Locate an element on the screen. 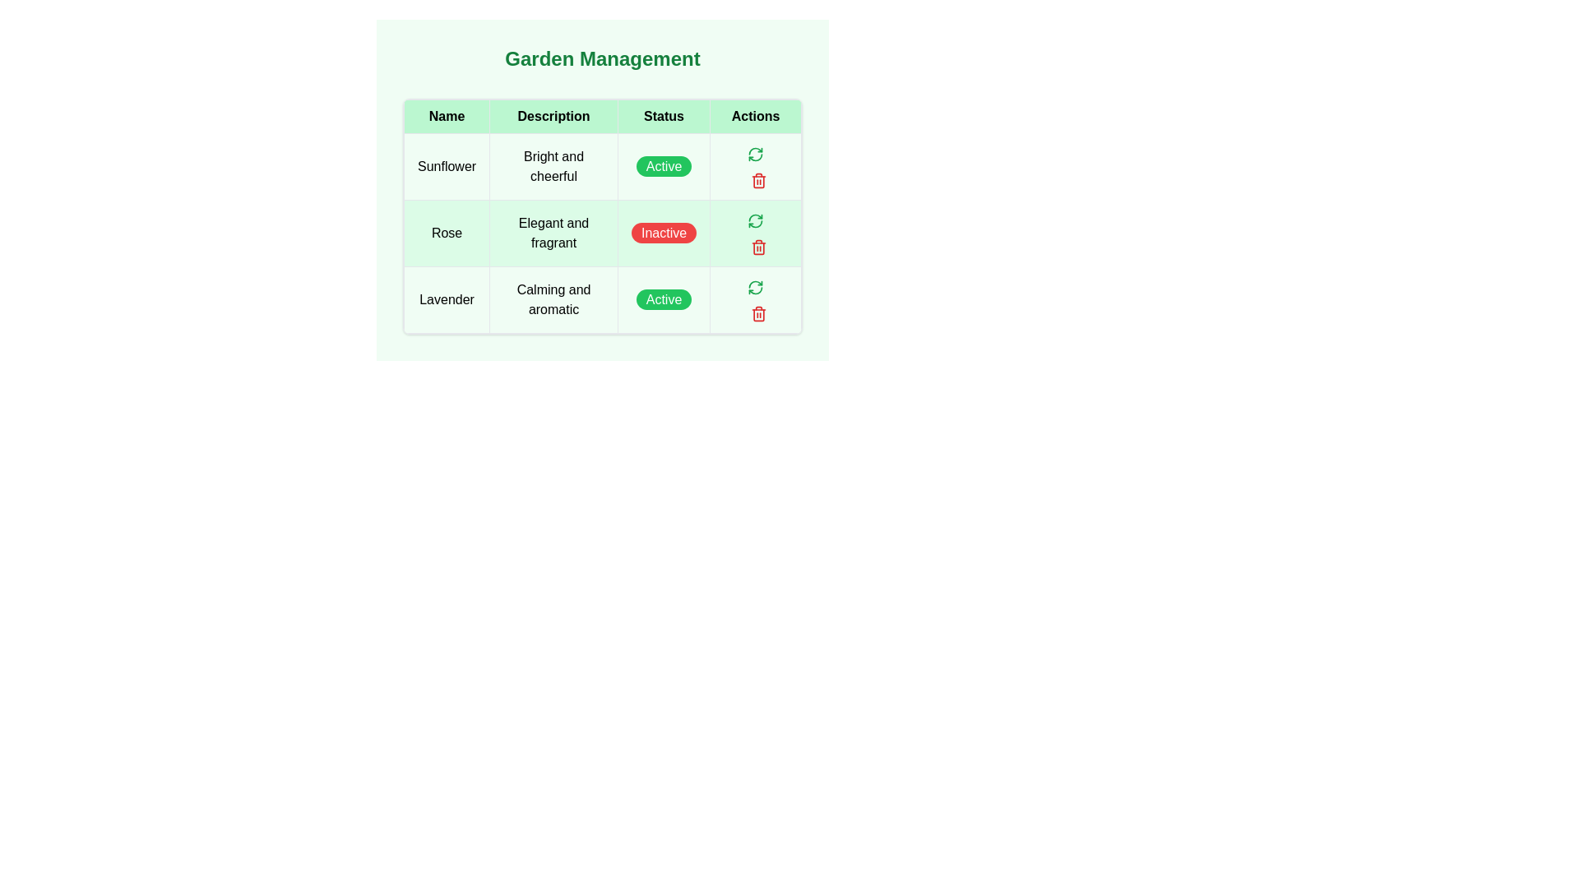  the Text label (table header) located at the top-left corner of the table, which describes the first column containing plant names is located at coordinates (447, 116).